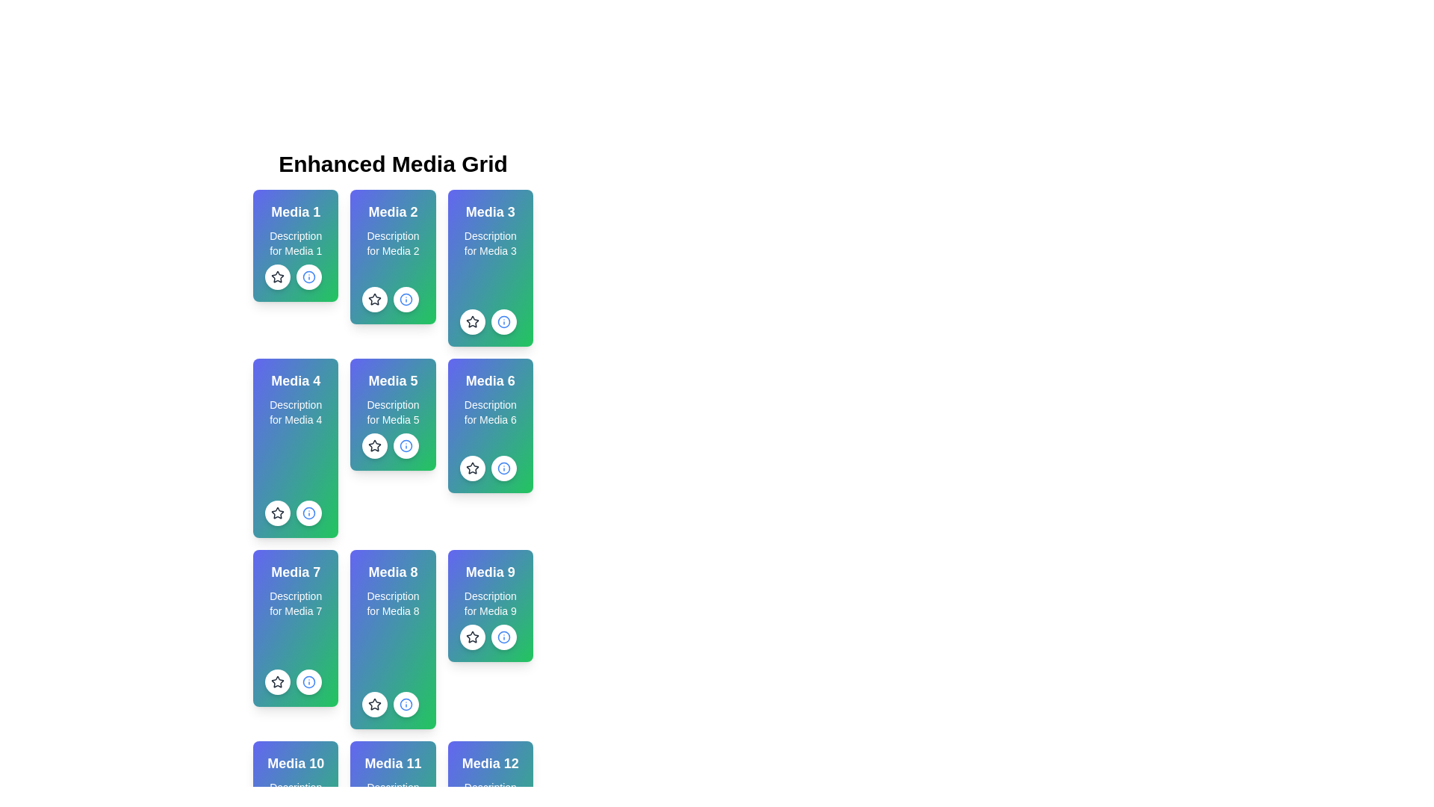 Image resolution: width=1434 pixels, height=807 pixels. What do you see at coordinates (503, 321) in the screenshot?
I see `the circular button with a blue border and information icon located at the bottom right of the Media 3 card in the Enhanced Media Grid layout` at bounding box center [503, 321].